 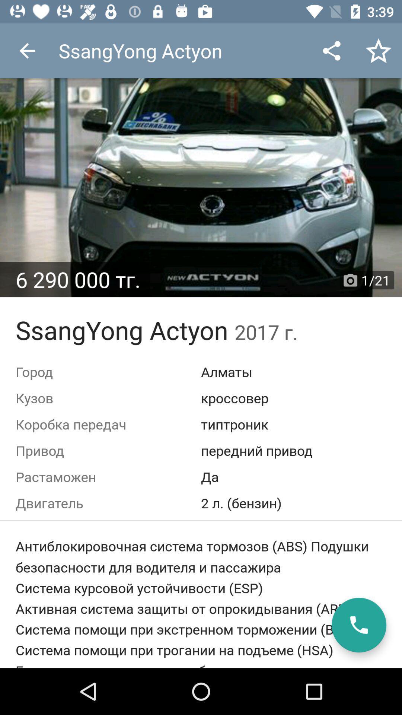 What do you see at coordinates (27, 50) in the screenshot?
I see `the item at the top left corner` at bounding box center [27, 50].